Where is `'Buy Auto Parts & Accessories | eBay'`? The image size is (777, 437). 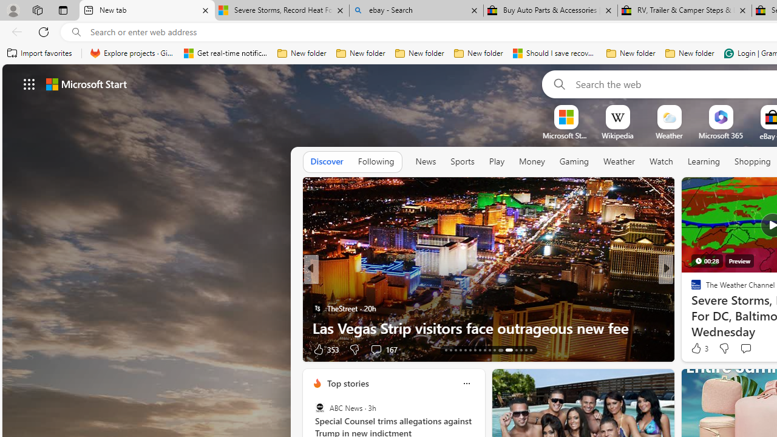 'Buy Auto Parts & Accessories | eBay' is located at coordinates (550, 10).